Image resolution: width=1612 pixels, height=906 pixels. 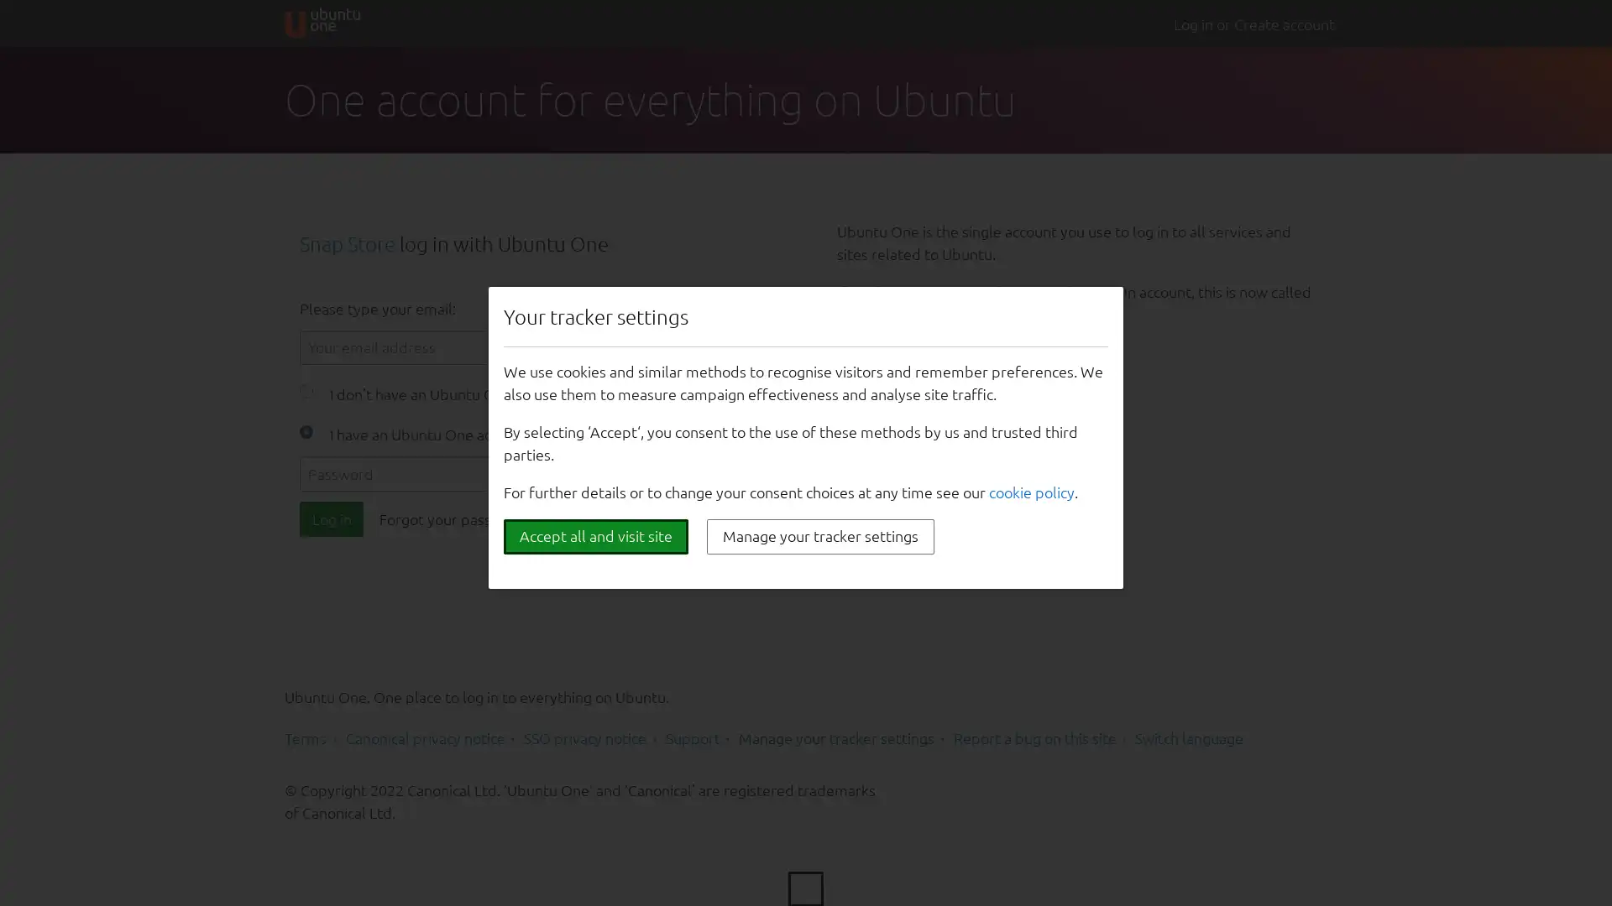 What do you see at coordinates (596, 536) in the screenshot?
I see `Accept all and visit site` at bounding box center [596, 536].